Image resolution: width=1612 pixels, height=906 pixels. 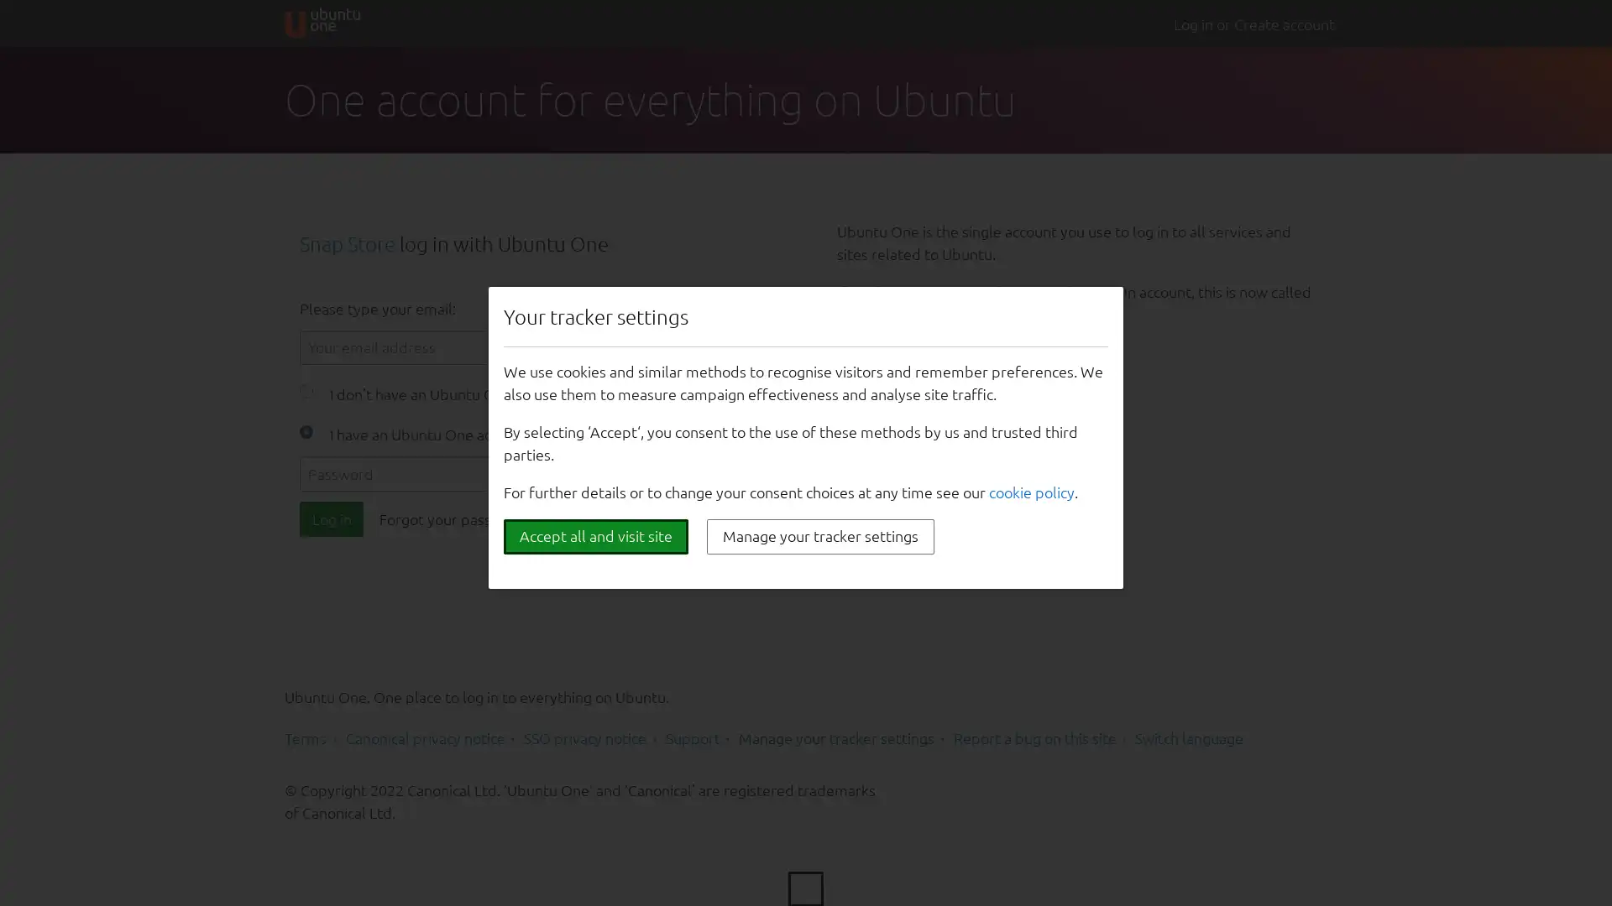 What do you see at coordinates (596, 536) in the screenshot?
I see `Accept all and visit site` at bounding box center [596, 536].